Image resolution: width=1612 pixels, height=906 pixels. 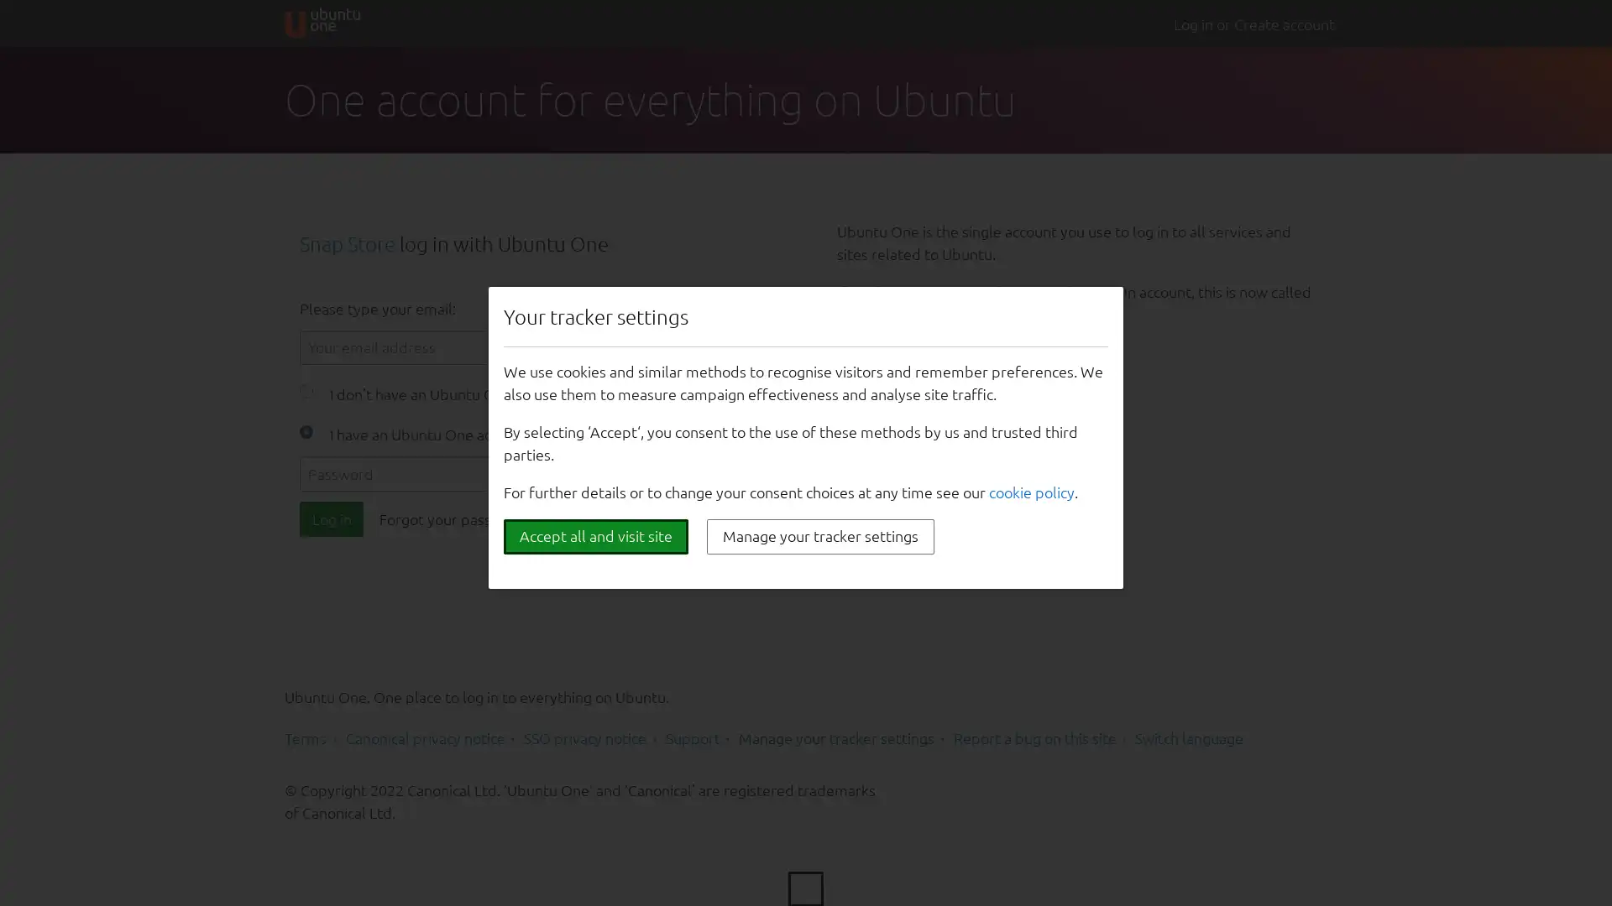 What do you see at coordinates (596, 536) in the screenshot?
I see `Accept all and visit site` at bounding box center [596, 536].